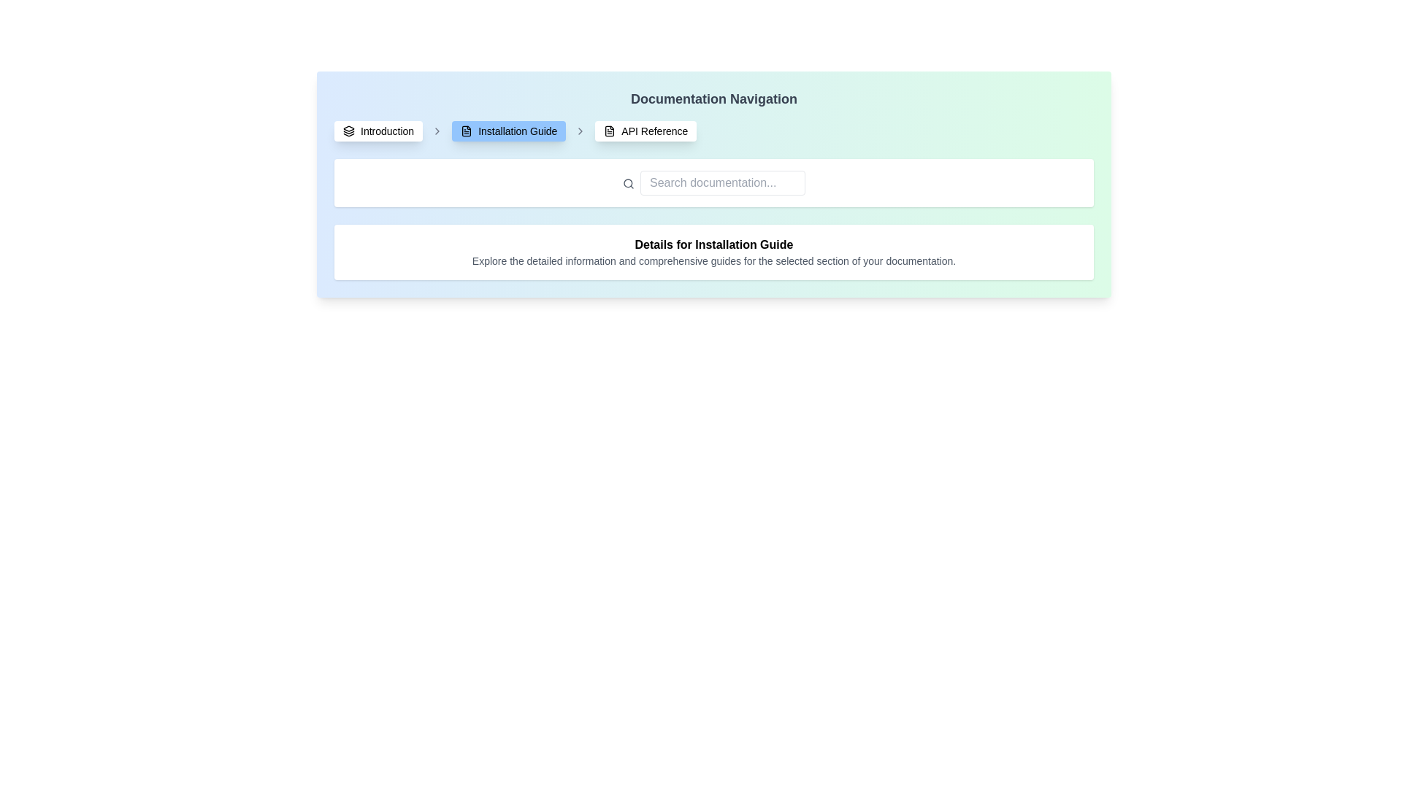  I want to click on the breadcrumb navigation button labeled 'API Reference', which contains a small SVG document icon, so click(610, 131).